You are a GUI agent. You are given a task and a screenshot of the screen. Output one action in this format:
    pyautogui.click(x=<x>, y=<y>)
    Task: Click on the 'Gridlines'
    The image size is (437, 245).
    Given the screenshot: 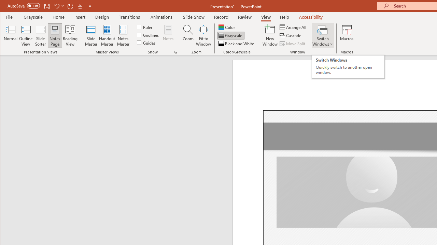 What is the action you would take?
    pyautogui.click(x=148, y=35)
    